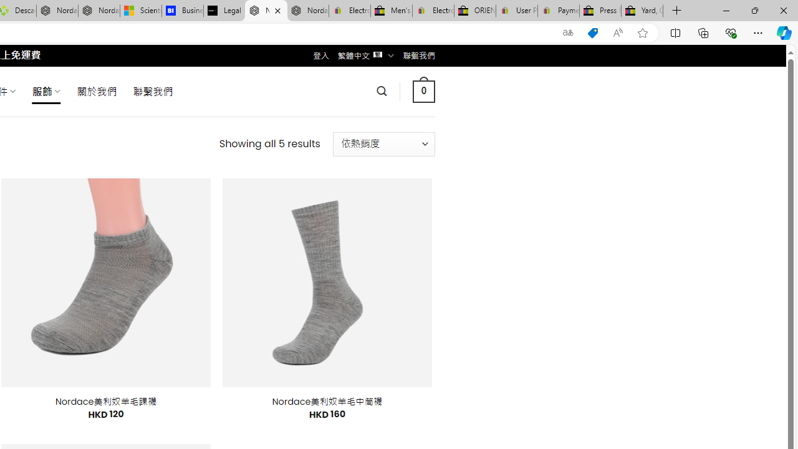 This screenshot has width=798, height=449. I want to click on '  0  ', so click(423, 90).